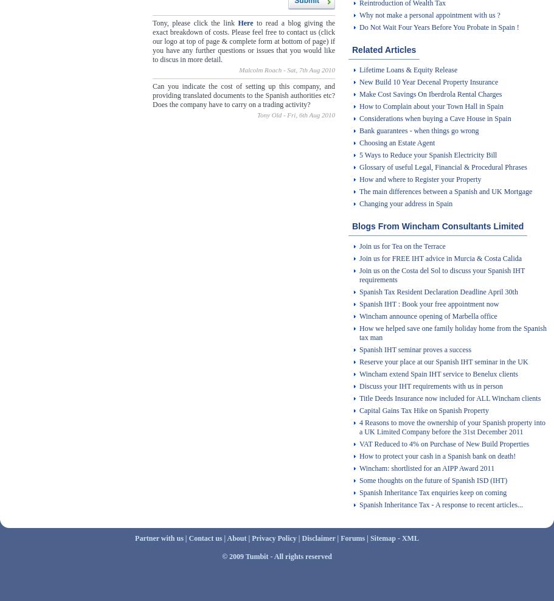 Image resolution: width=554 pixels, height=601 pixels. Describe the element at coordinates (449, 398) in the screenshot. I see `'Title Deeds Insurance now included for ALL Wincham clients'` at that location.